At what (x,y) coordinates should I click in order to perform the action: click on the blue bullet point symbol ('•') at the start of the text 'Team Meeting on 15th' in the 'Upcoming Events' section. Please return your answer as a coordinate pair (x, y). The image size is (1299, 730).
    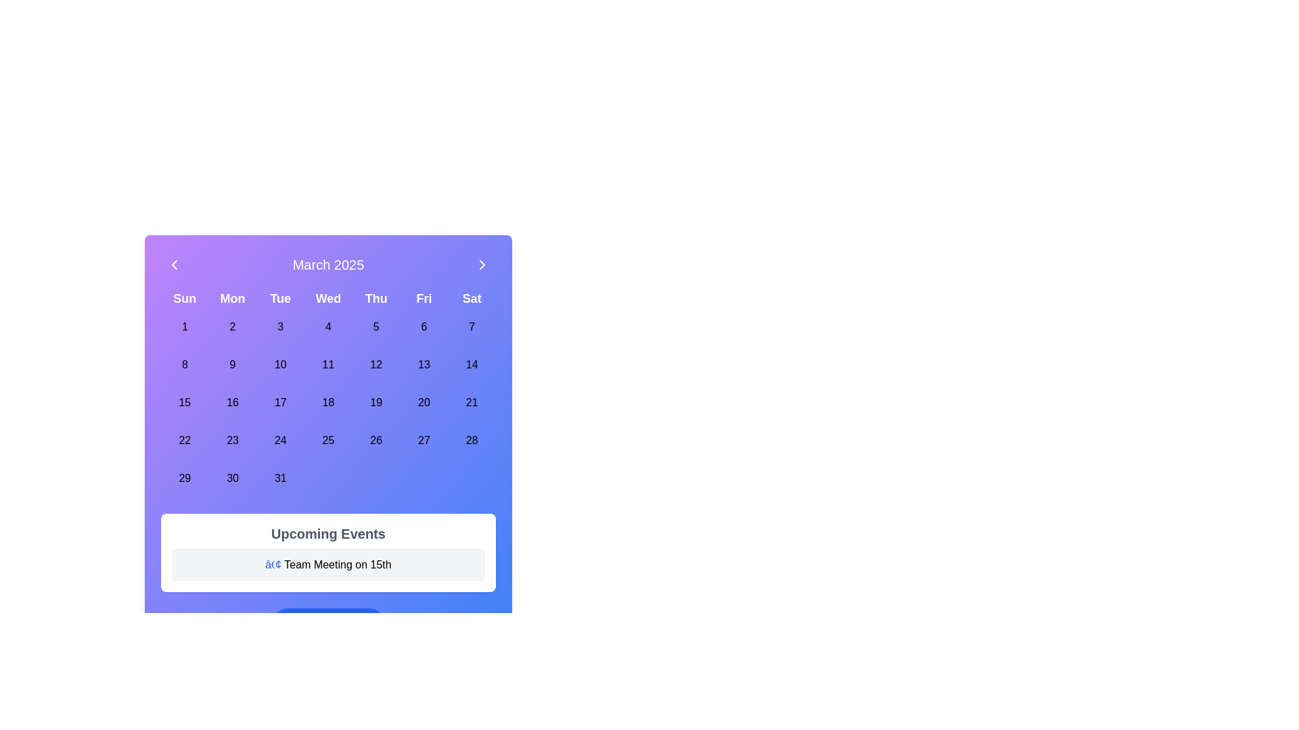
    Looking at the image, I should click on (273, 564).